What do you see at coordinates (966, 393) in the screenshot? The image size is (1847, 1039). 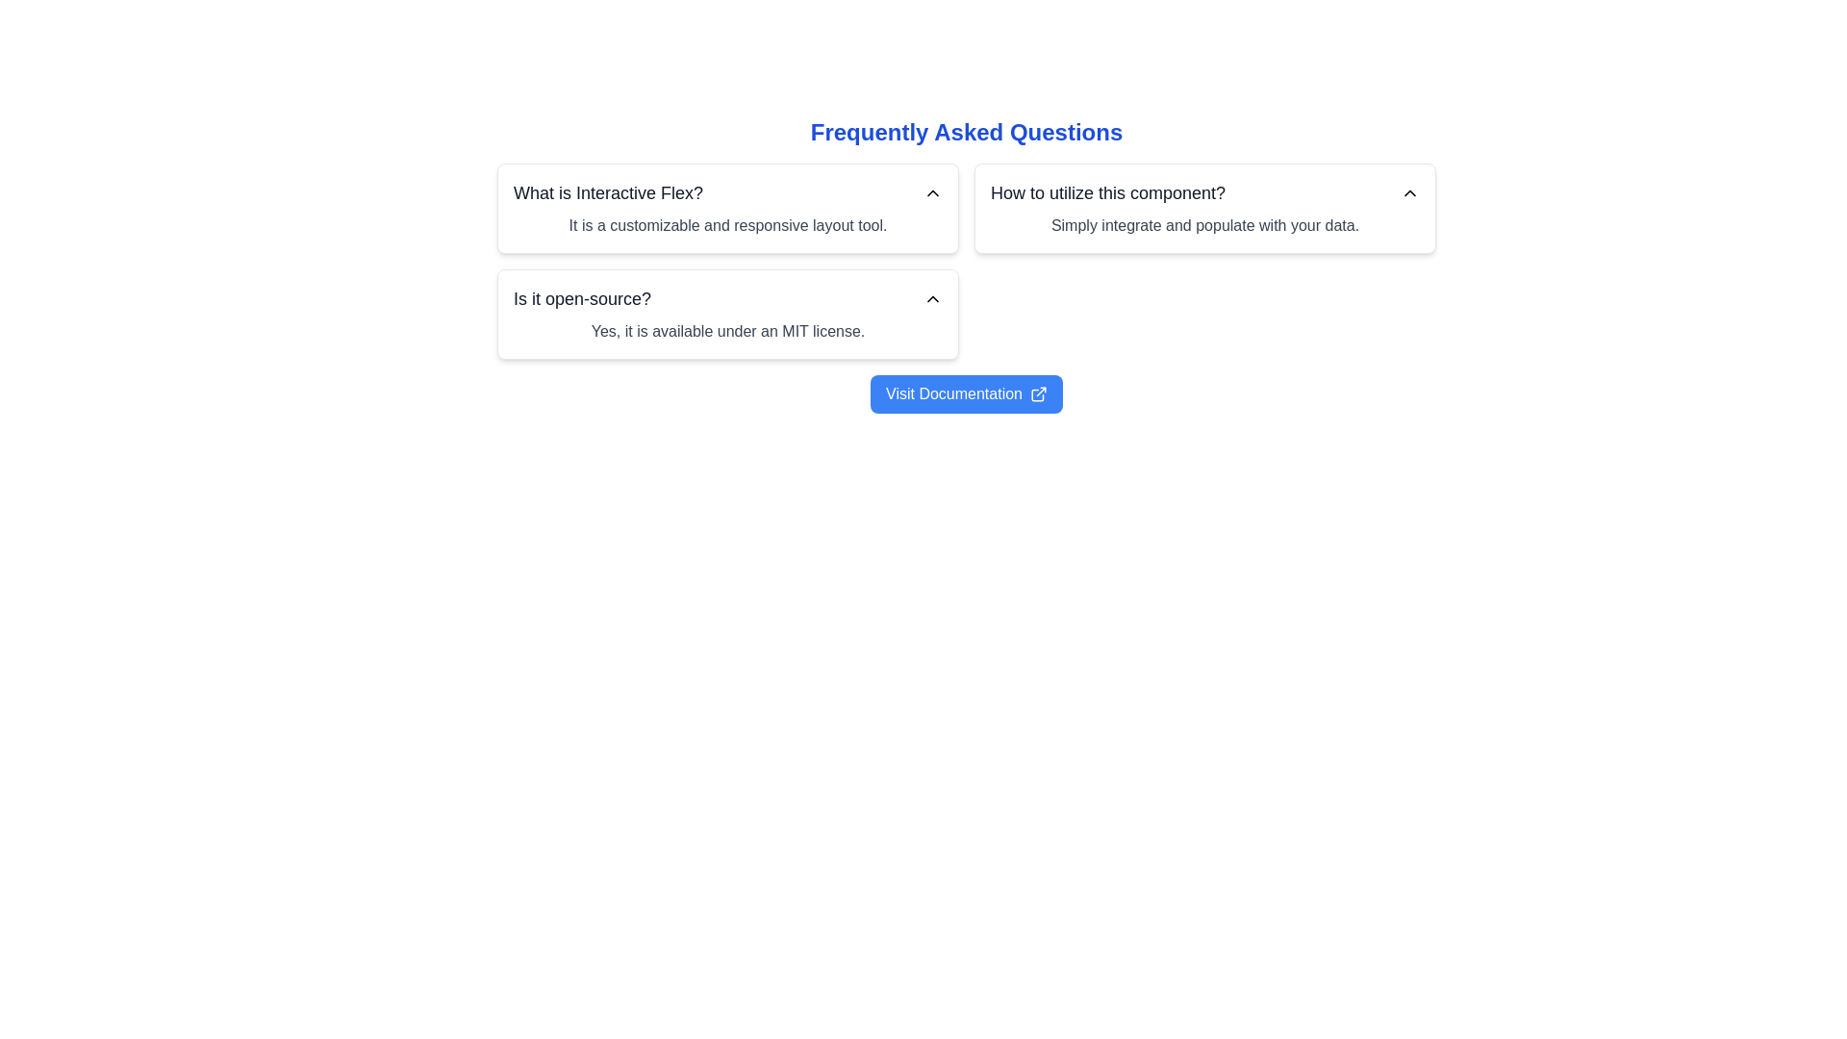 I see `the documentation button located at the bottom-center of the FAQ section to observe visual feedback` at bounding box center [966, 393].